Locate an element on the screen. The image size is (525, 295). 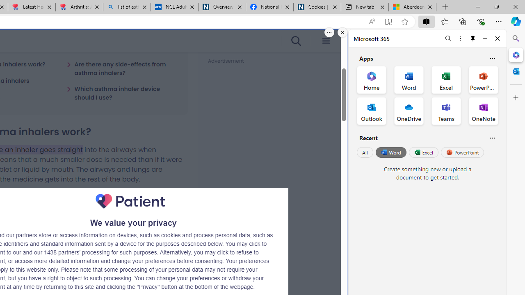
'Aberdeen, Hong Kong SAR hourly forecast | Microsoft Weather' is located at coordinates (413, 7).